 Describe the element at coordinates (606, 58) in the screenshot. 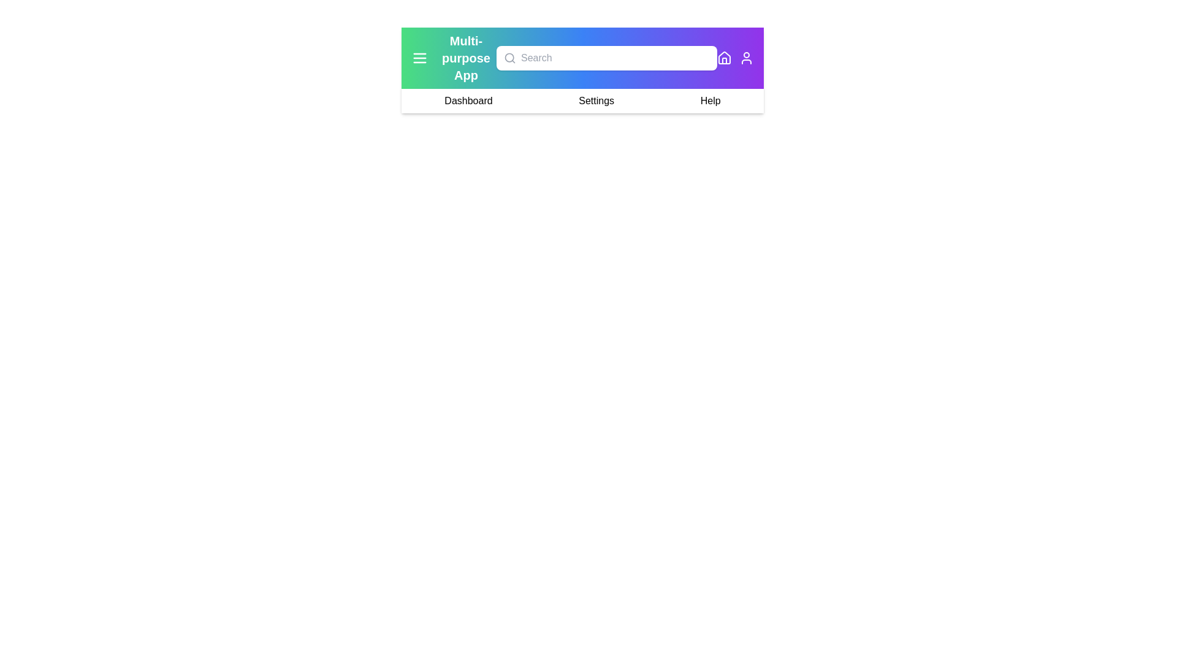

I see `the search bar to focus and enter a query` at that location.